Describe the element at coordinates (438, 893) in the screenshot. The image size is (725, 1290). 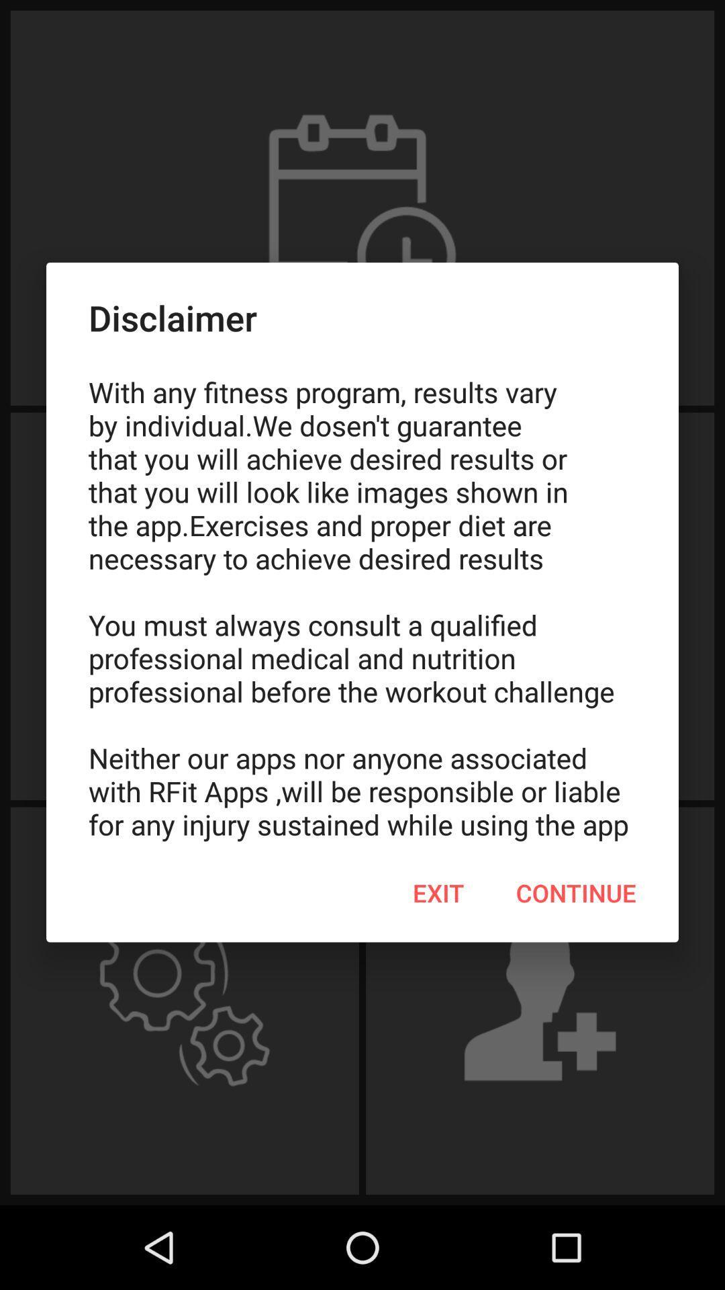
I see `item at the bottom` at that location.